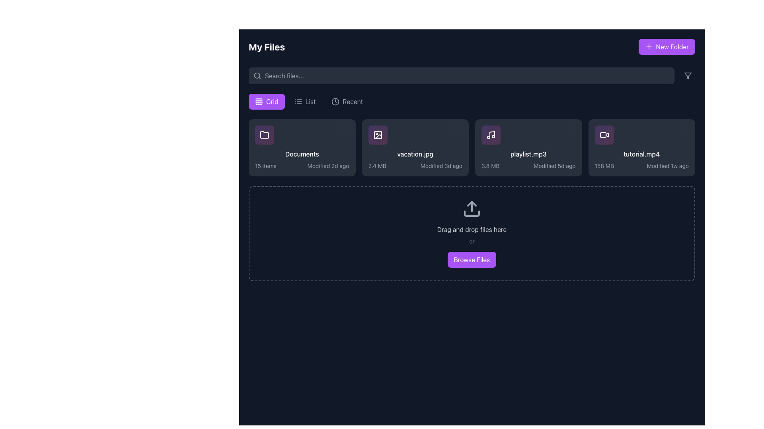 This screenshot has height=429, width=764. What do you see at coordinates (472, 241) in the screenshot?
I see `the text label that visually separates the 'Drag and drop files here' instruction and the 'Browse Files' button, located centrally between these two texts` at bounding box center [472, 241].